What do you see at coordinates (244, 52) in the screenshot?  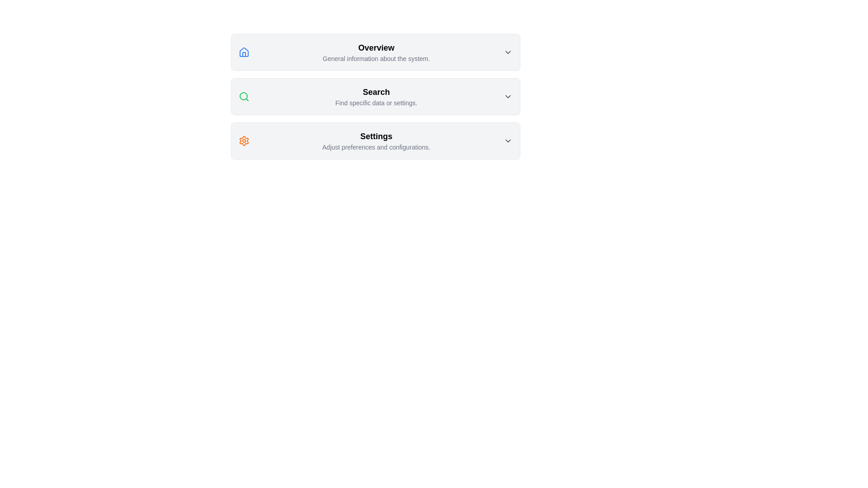 I see `the stylized house icon with a blue outline located adjacent to the 'Overview' text in the top-left corner of the interface` at bounding box center [244, 52].